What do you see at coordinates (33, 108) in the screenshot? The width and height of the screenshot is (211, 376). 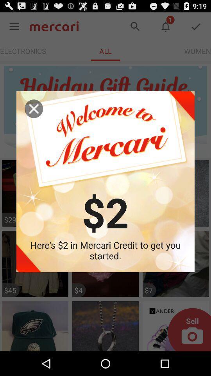 I see `pop up` at bounding box center [33, 108].